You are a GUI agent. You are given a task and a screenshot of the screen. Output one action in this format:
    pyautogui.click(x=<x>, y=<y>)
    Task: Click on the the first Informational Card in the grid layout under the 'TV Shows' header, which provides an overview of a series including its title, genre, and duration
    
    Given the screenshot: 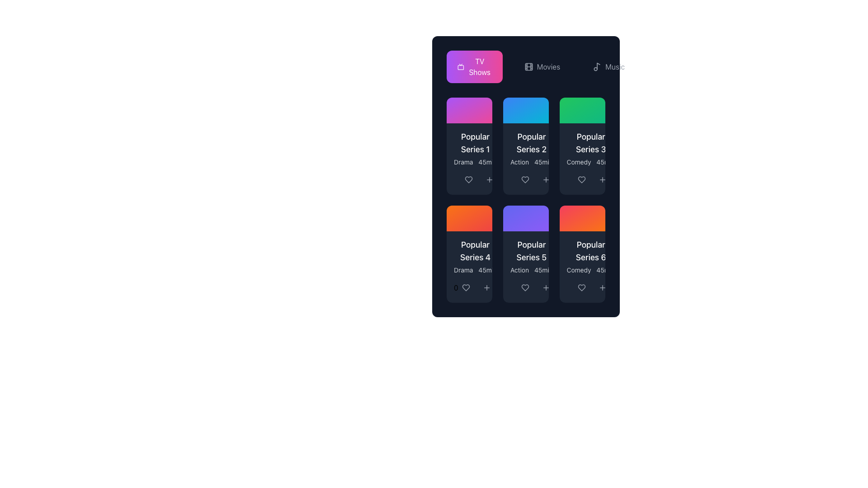 What is the action you would take?
    pyautogui.click(x=469, y=148)
    